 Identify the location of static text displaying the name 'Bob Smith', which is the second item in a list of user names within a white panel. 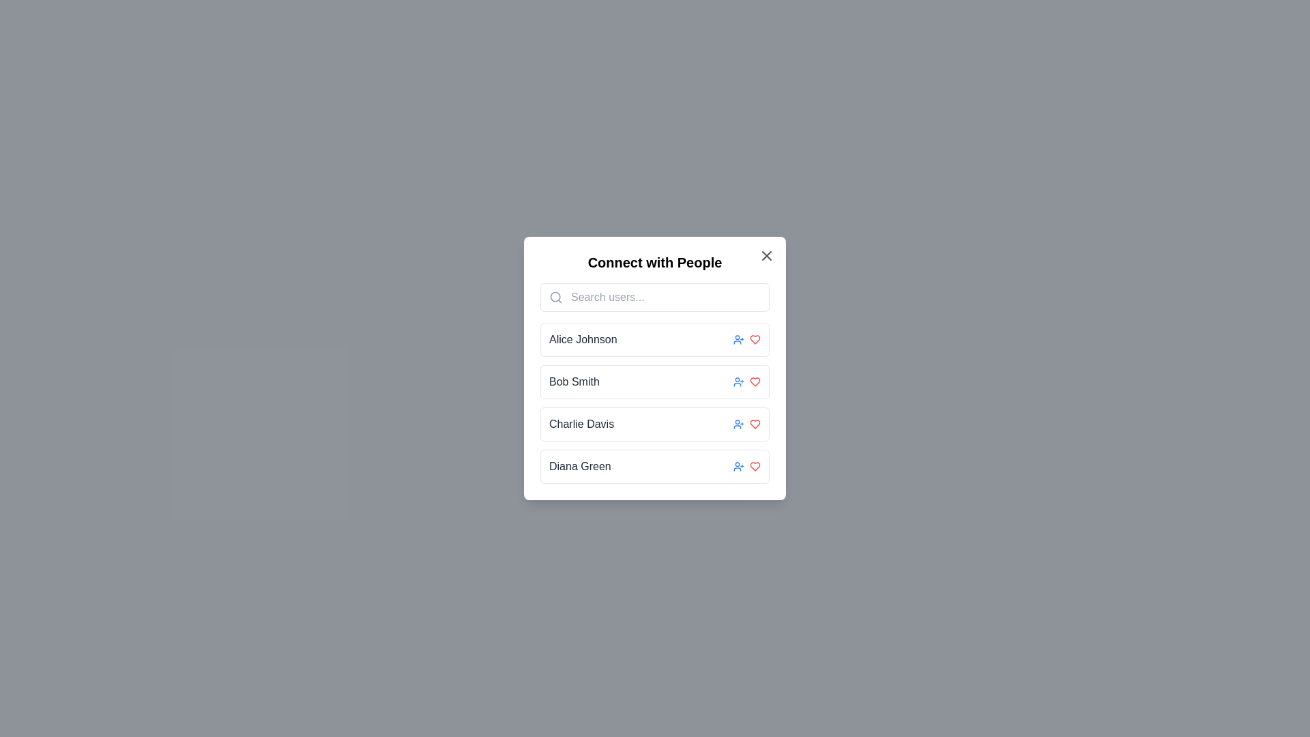
(574, 381).